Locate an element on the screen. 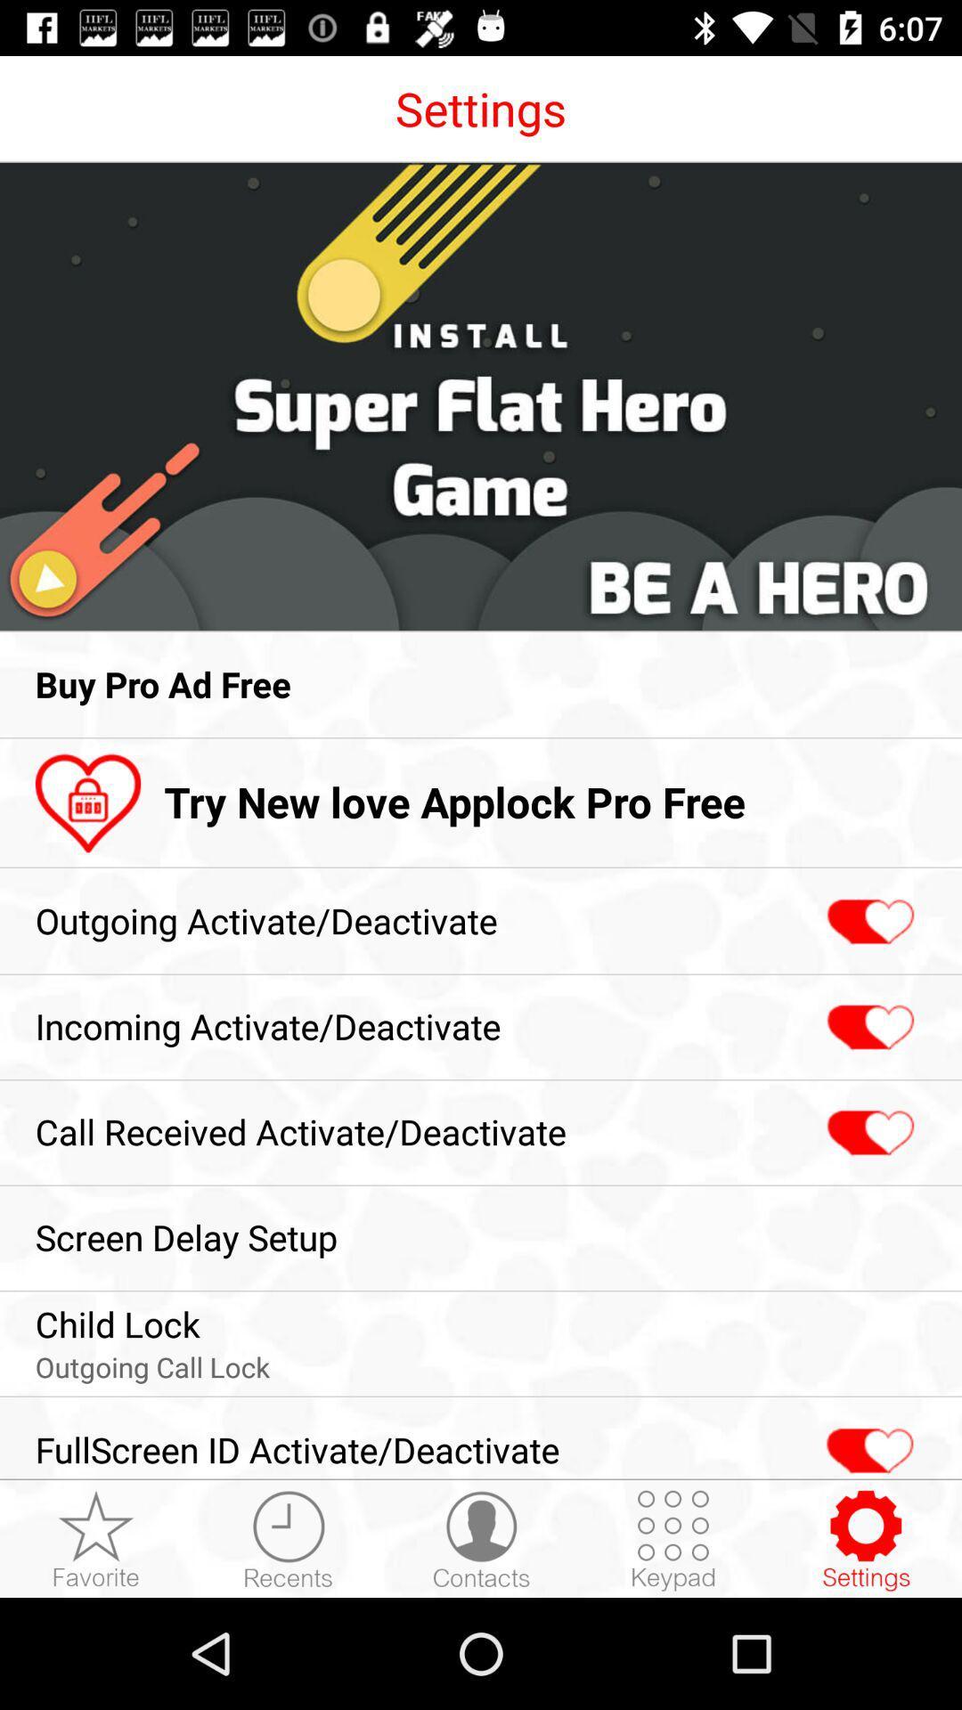 This screenshot has height=1710, width=962. una manera de ser otro is located at coordinates (867, 1441).